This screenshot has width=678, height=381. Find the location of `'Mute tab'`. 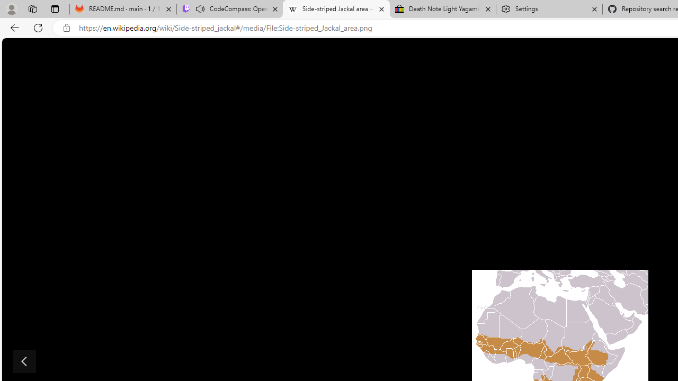

'Mute tab' is located at coordinates (200, 8).